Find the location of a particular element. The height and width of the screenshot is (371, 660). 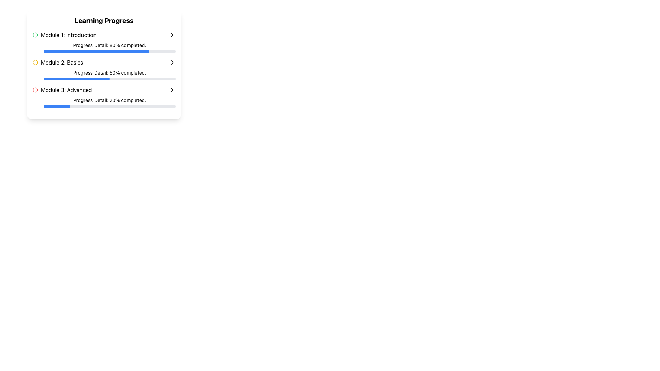

the circular status indicator located to the left of the 'Module 3: Advanced' label in the Learning Progress section is located at coordinates (35, 89).